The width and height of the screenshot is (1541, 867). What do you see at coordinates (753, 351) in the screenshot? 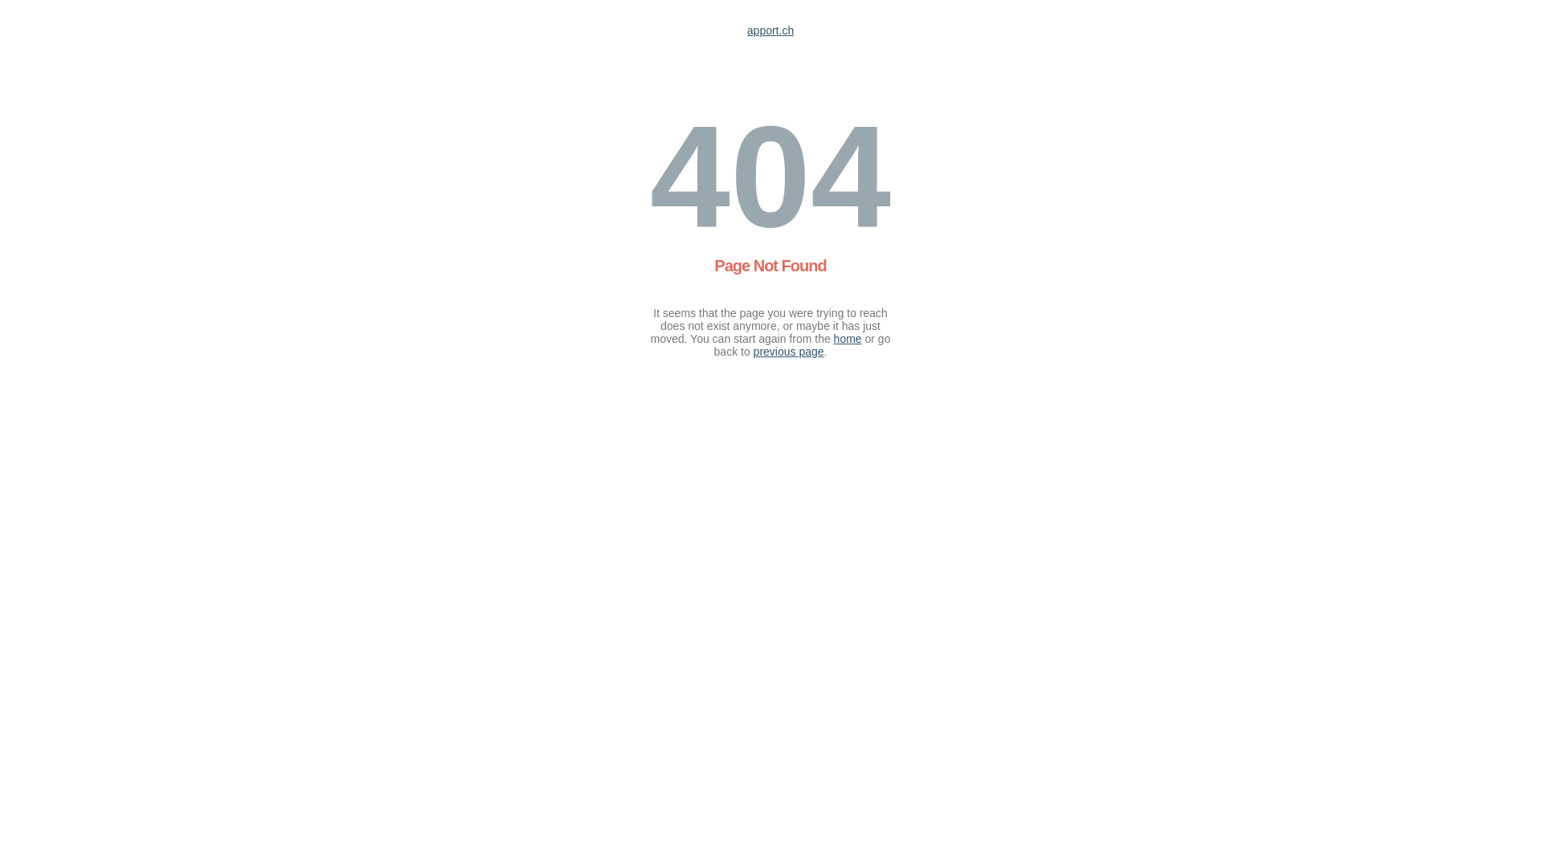
I see `'previous page'` at bounding box center [753, 351].